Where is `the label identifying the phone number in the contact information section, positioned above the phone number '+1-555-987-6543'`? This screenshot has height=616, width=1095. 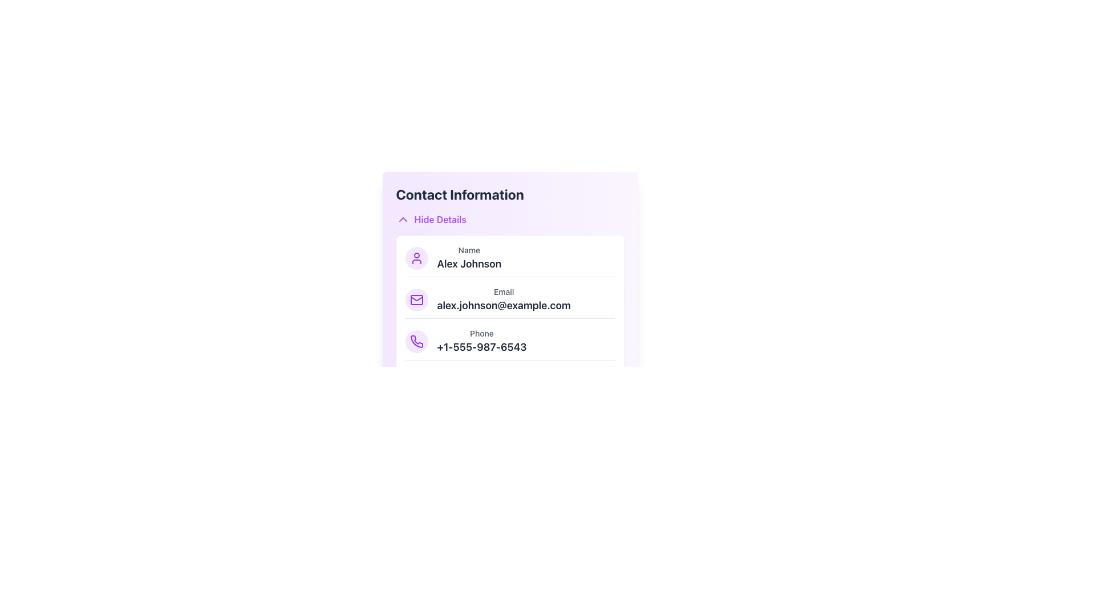
the label identifying the phone number in the contact information section, positioned above the phone number '+1-555-987-6543' is located at coordinates (481, 334).